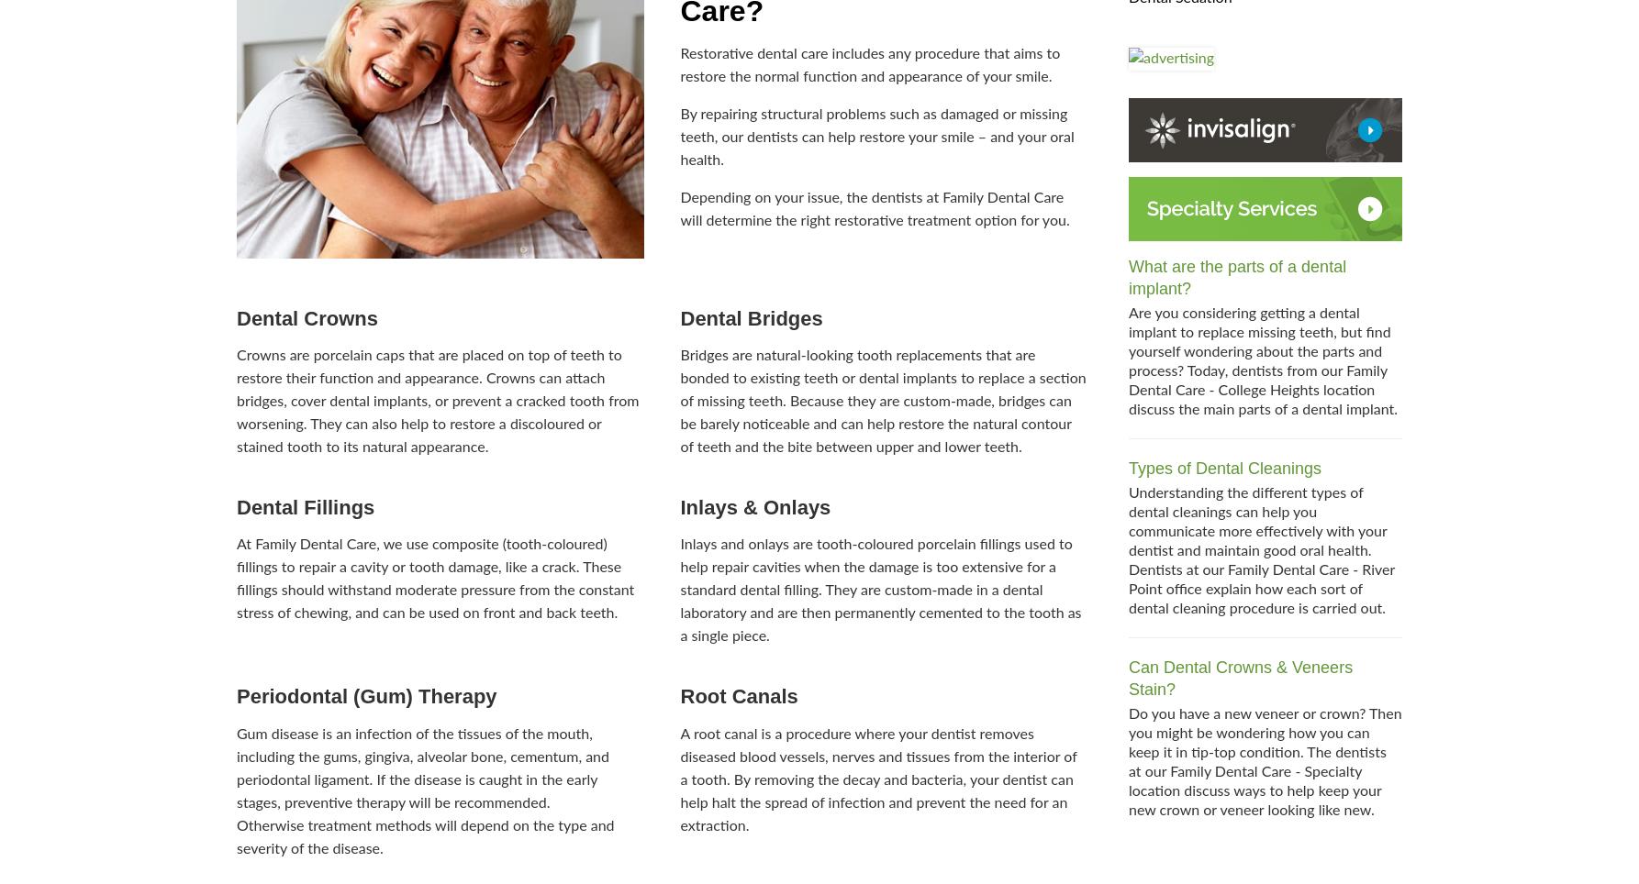 This screenshot has width=1639, height=884. What do you see at coordinates (870, 64) in the screenshot?
I see `'Restorative dental care includes any procedure that aims to restore the normal function and appearance of your smile.'` at bounding box center [870, 64].